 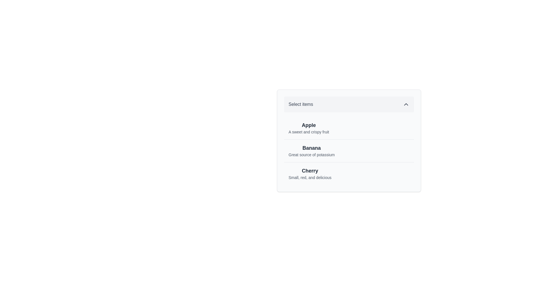 I want to click on description of the list item that displays 'Banana' in bold with the subtitle 'Great source of potassium' beneath it, positioned as the second item in a vertical list, so click(x=349, y=150).